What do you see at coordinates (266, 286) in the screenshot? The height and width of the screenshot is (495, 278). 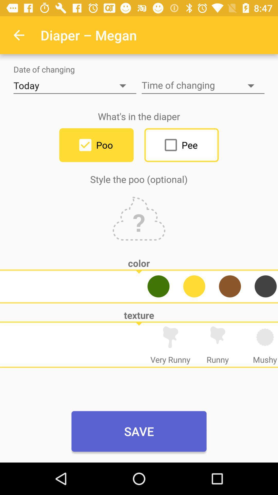 I see `color for diaper` at bounding box center [266, 286].